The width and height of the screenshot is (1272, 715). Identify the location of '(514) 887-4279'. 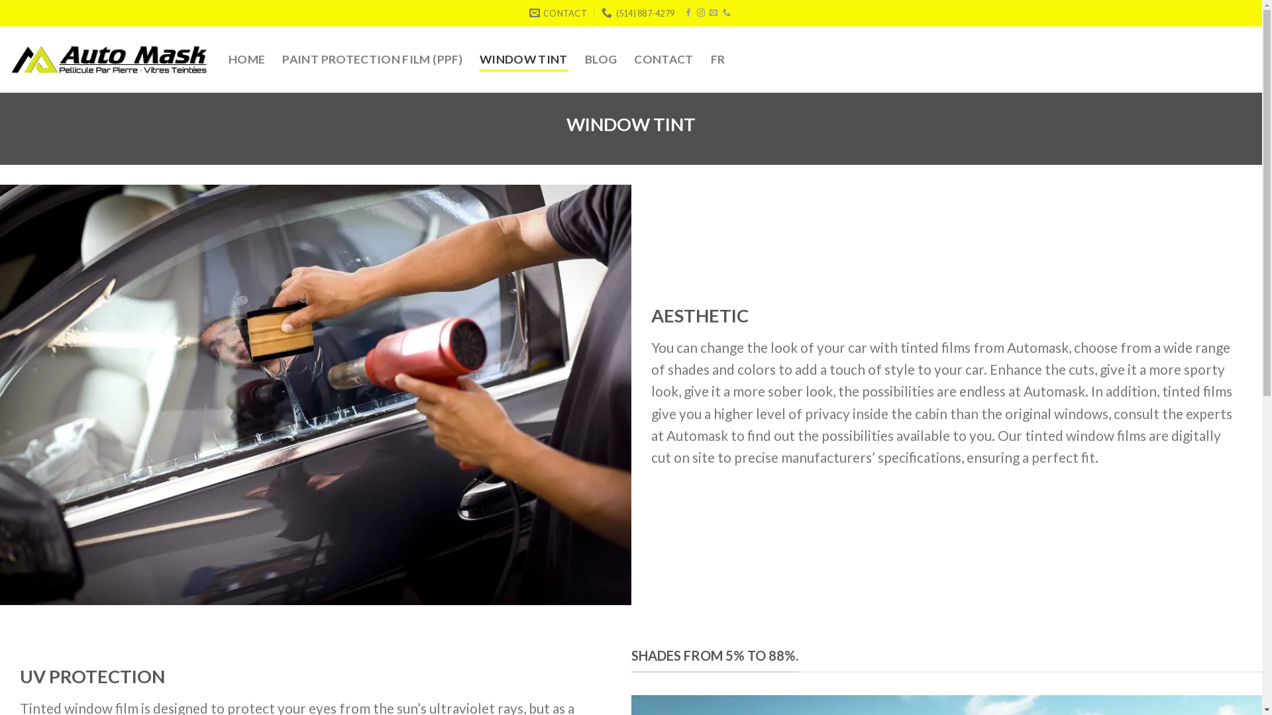
(638, 13).